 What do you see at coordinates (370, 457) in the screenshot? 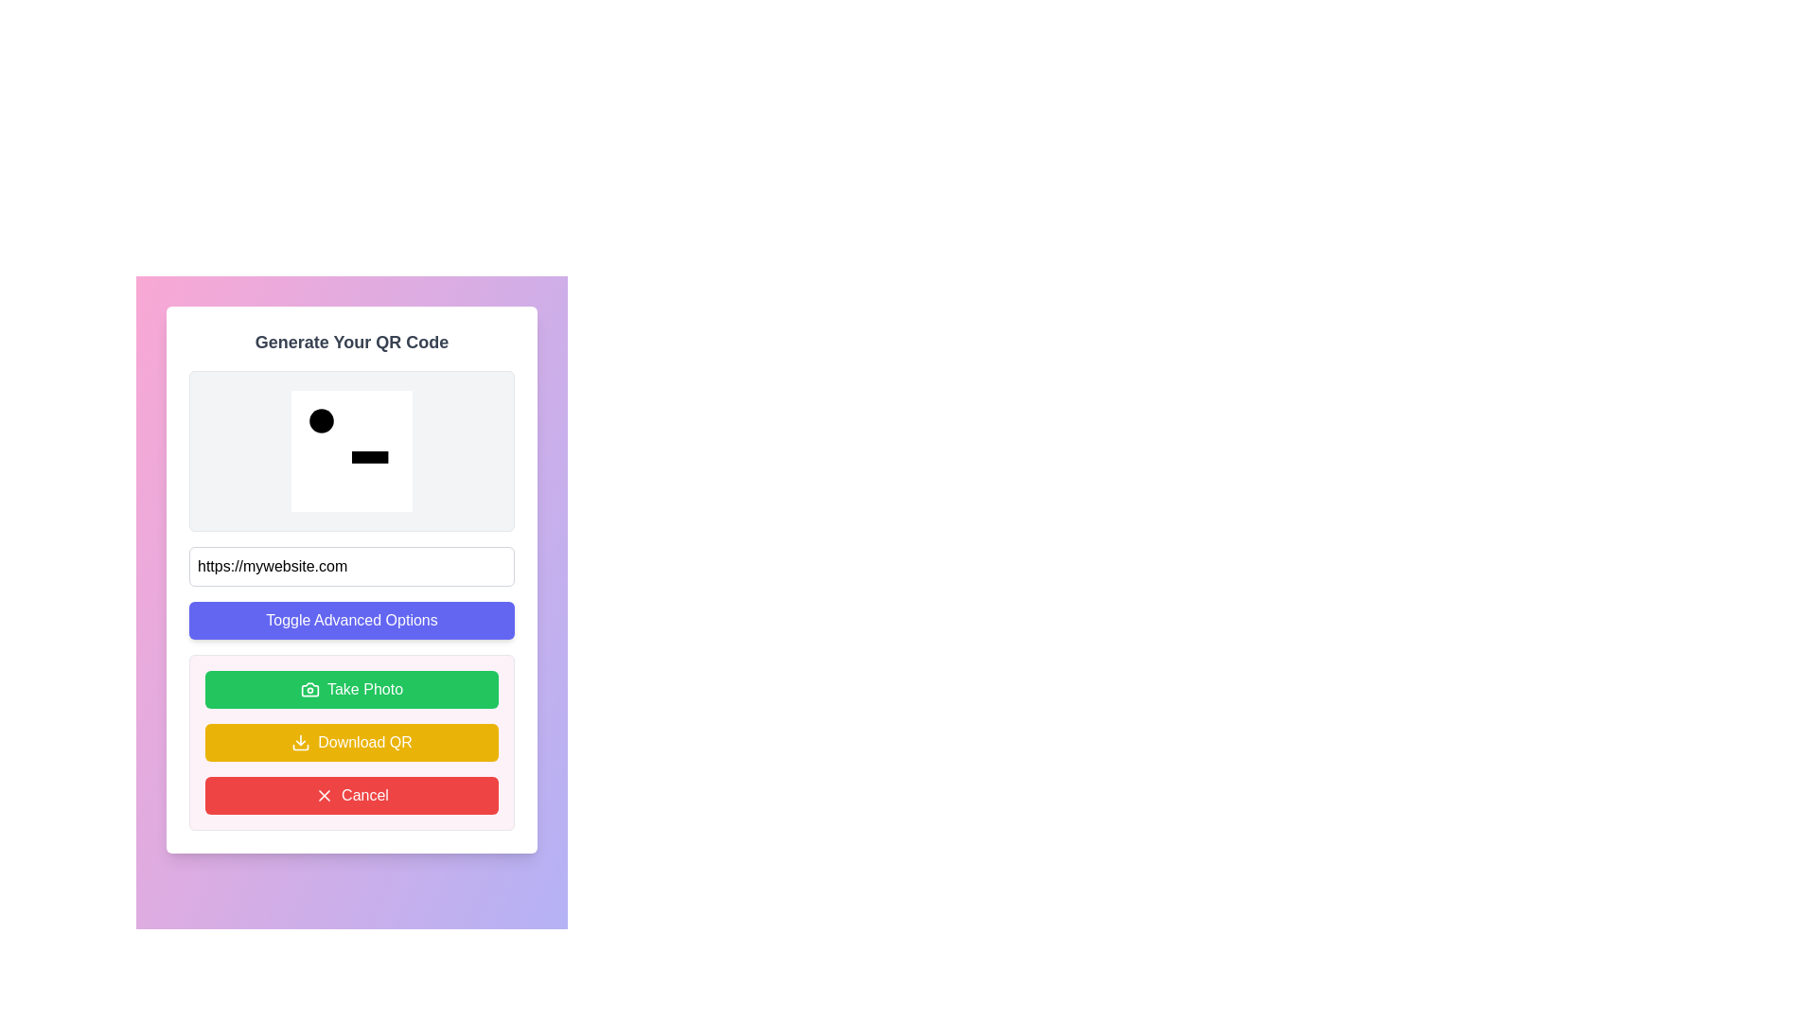
I see `the decorative graphical rectangle element located beneath the circular black element in the center of the interface` at bounding box center [370, 457].